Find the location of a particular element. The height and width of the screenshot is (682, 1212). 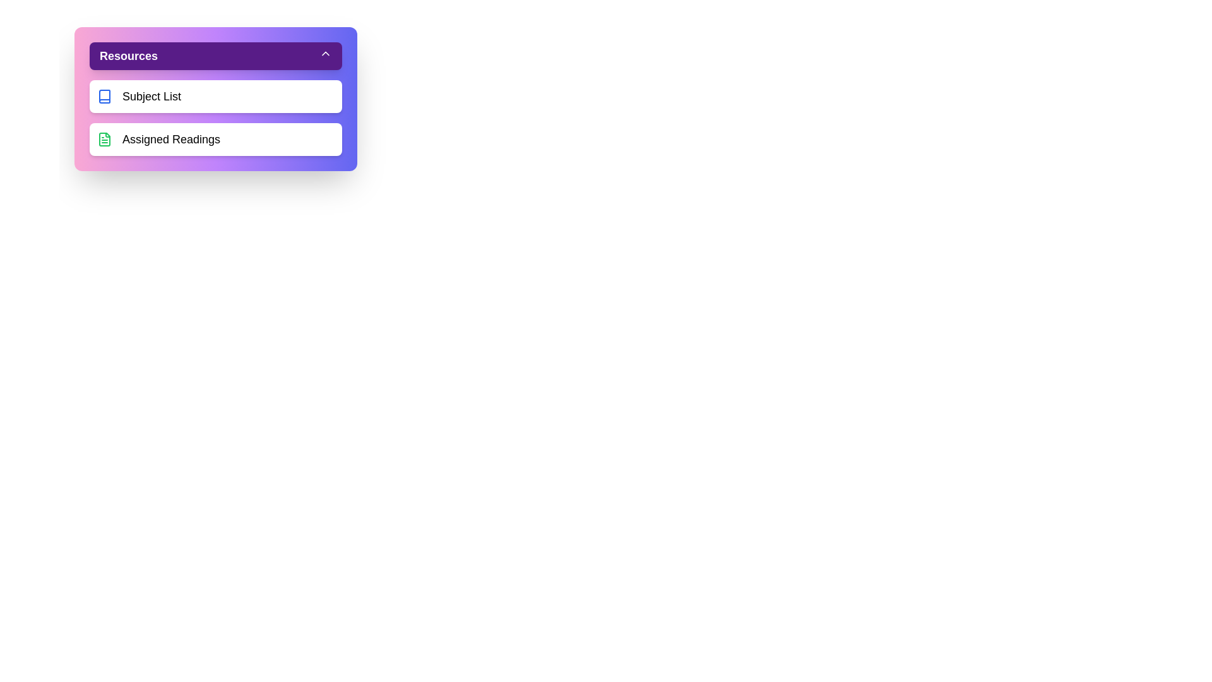

the SVG-based file icon representing the 'Assigned Readings' section is located at coordinates (105, 139).